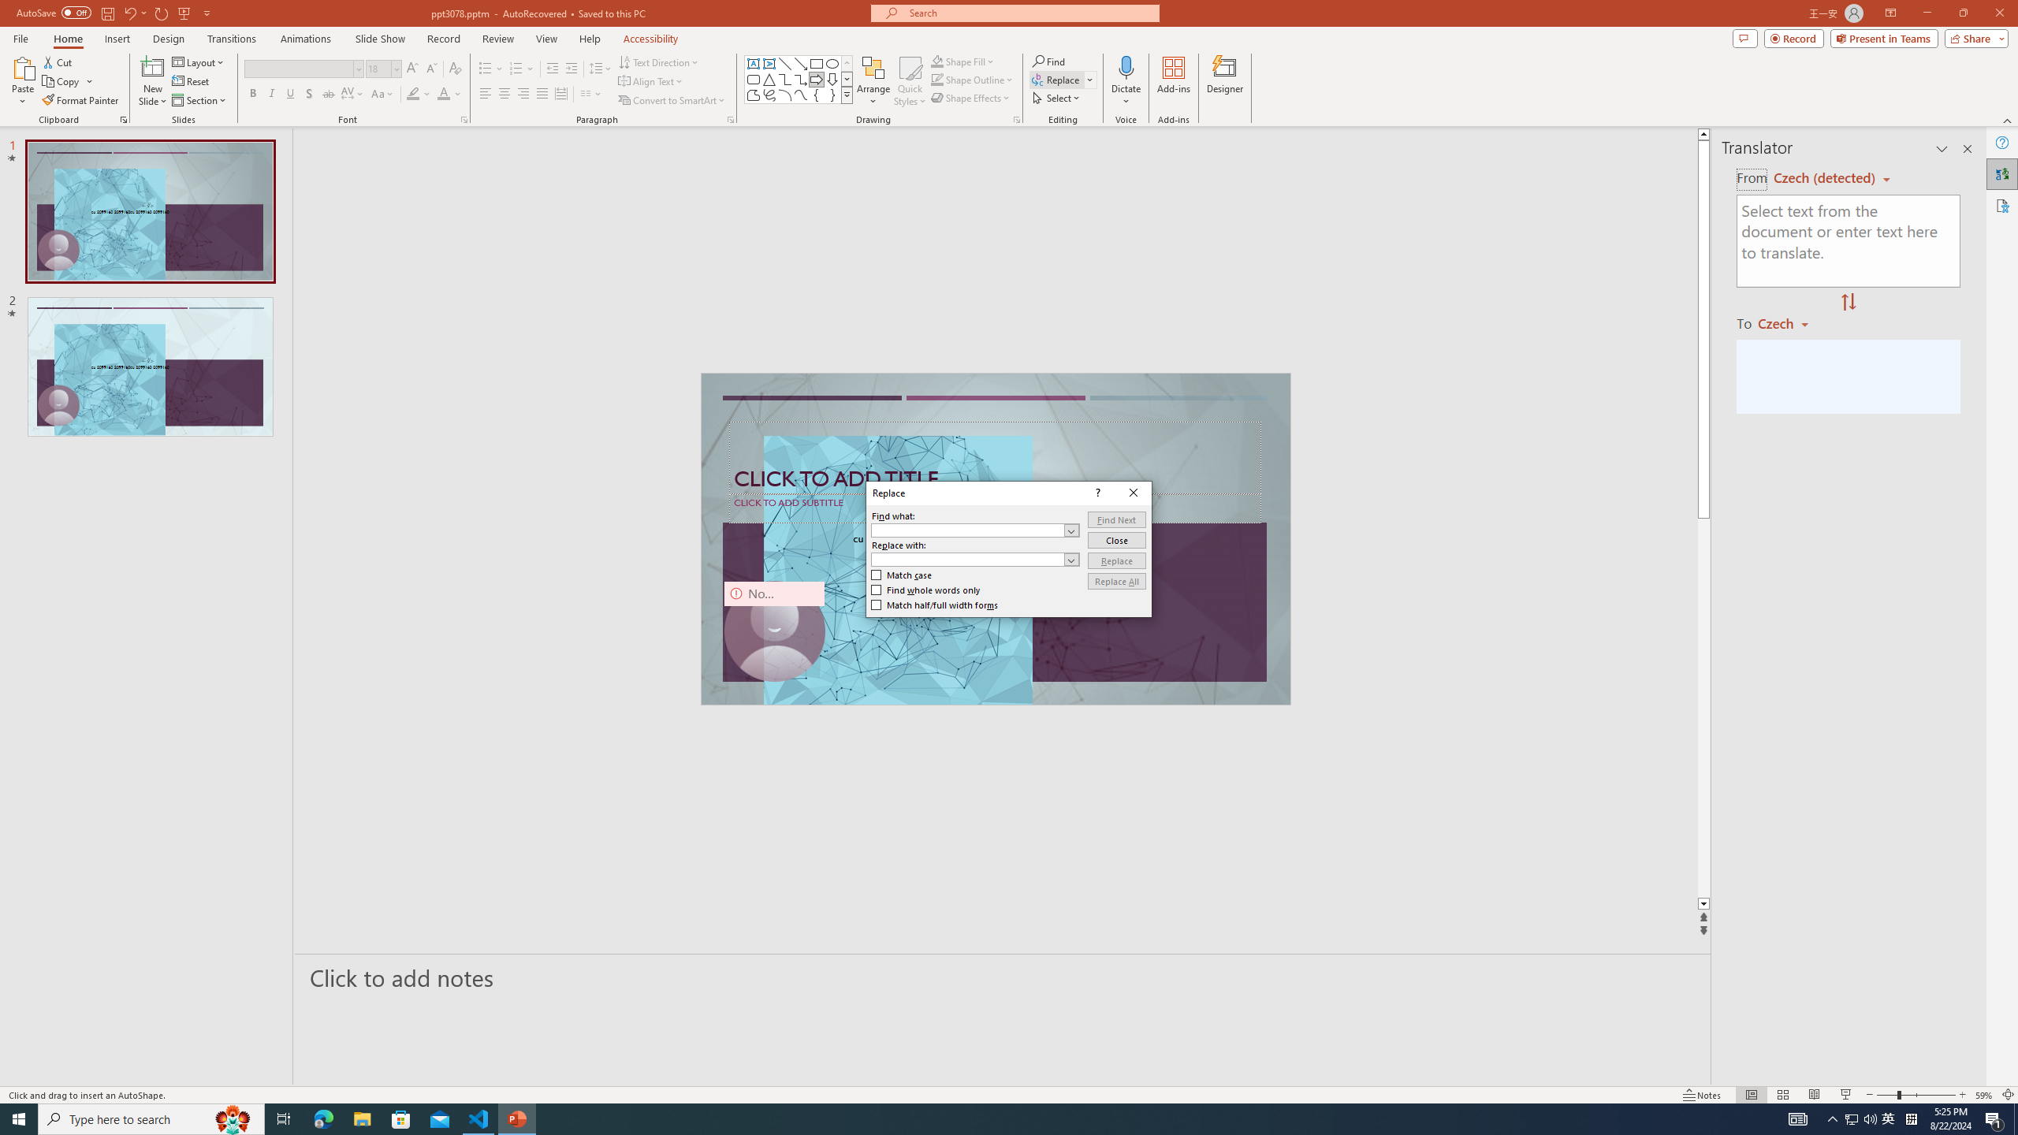 The width and height of the screenshot is (2018, 1135). What do you see at coordinates (974, 558) in the screenshot?
I see `'Replace with'` at bounding box center [974, 558].